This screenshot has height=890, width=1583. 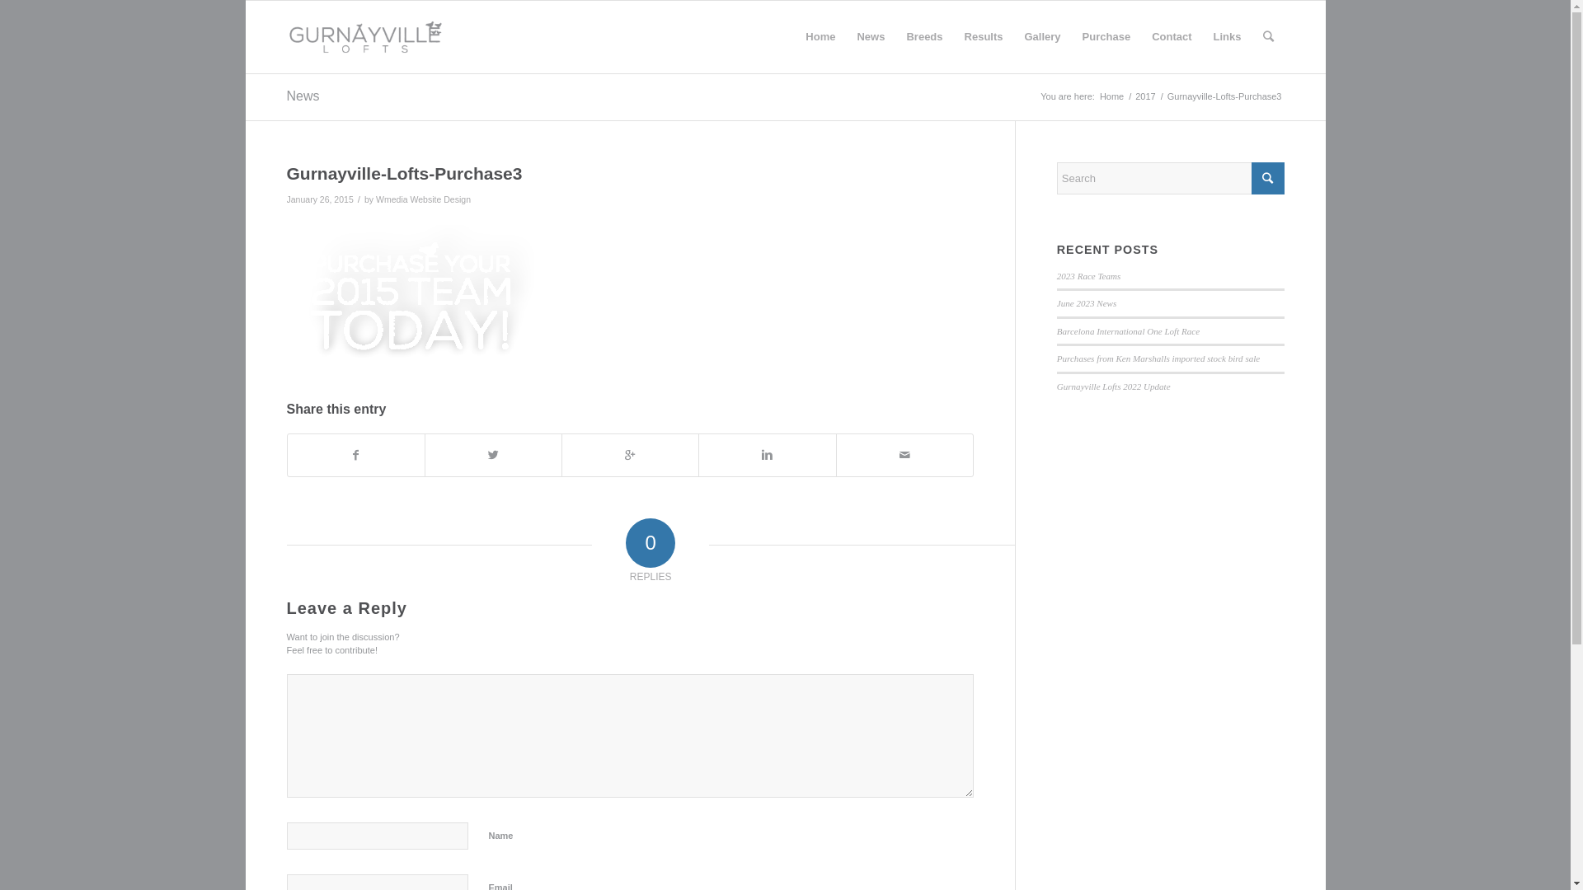 I want to click on 'Links', so click(x=1203, y=37).